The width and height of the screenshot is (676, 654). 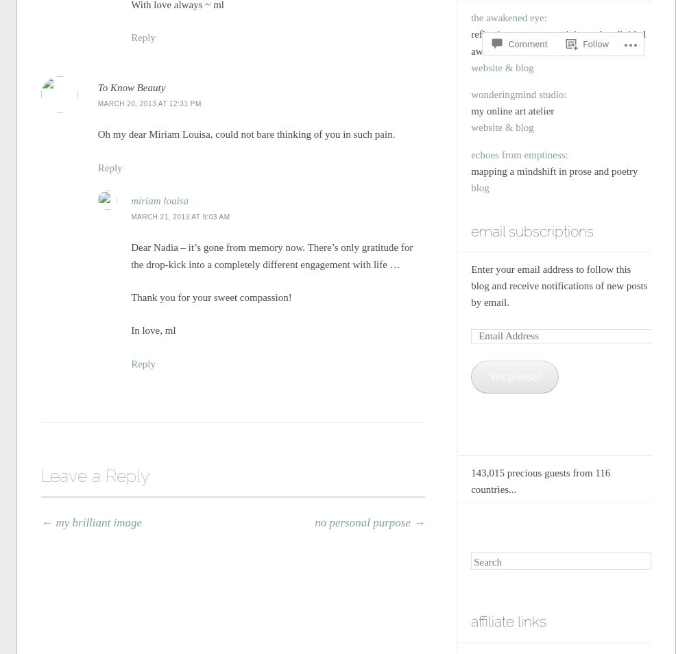 I want to click on 'mapping a mindshift in prose and poetry', so click(x=470, y=170).